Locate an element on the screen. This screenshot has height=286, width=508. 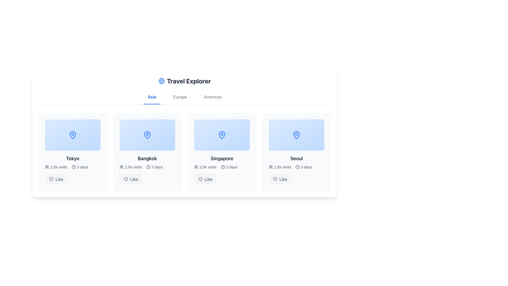
the heart-shaped icon within the 'Like' button below the 'Tokyo' card to like the item is located at coordinates (51, 179).